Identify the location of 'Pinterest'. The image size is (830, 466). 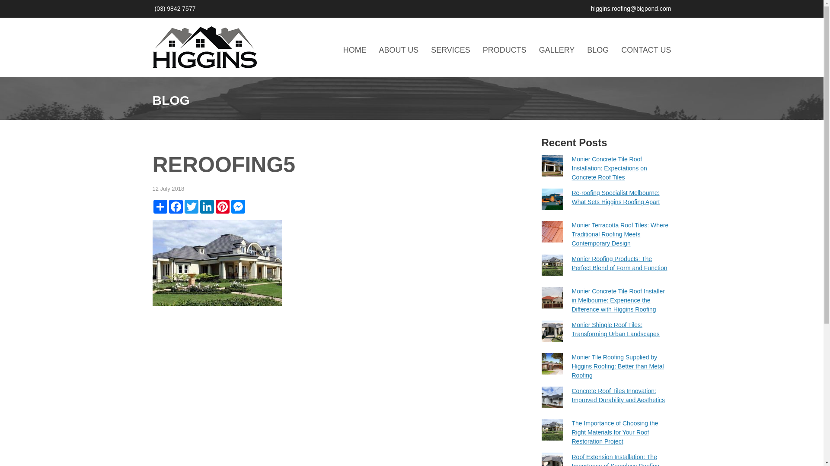
(222, 206).